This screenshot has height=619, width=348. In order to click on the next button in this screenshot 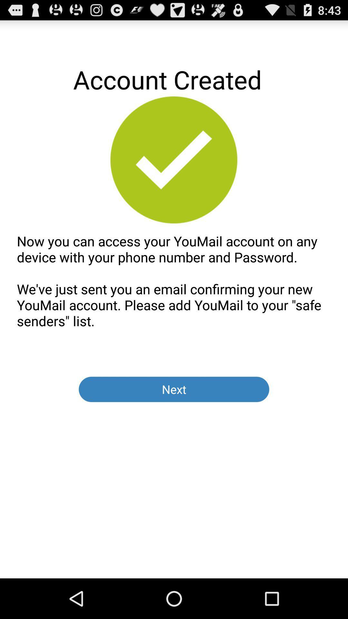, I will do `click(174, 389)`.